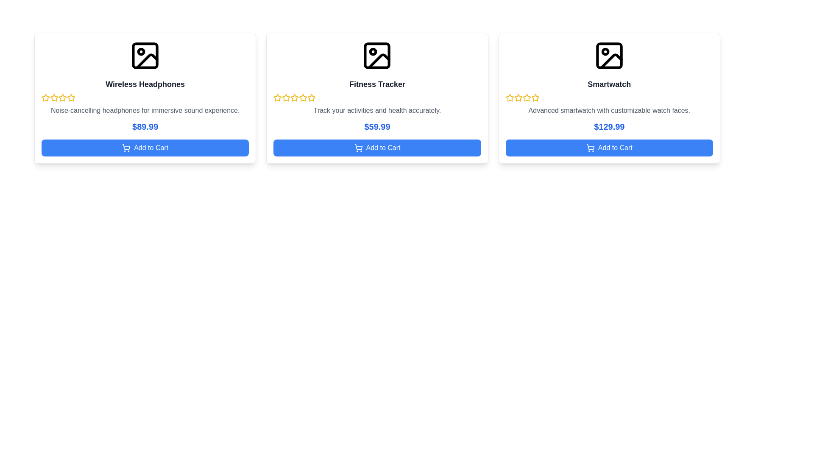 The height and width of the screenshot is (458, 814). I want to click on the image placeholder representing the 'Smartwatch' product located at the top-center of the card in the rightmost column of the product listing grid, so click(609, 56).